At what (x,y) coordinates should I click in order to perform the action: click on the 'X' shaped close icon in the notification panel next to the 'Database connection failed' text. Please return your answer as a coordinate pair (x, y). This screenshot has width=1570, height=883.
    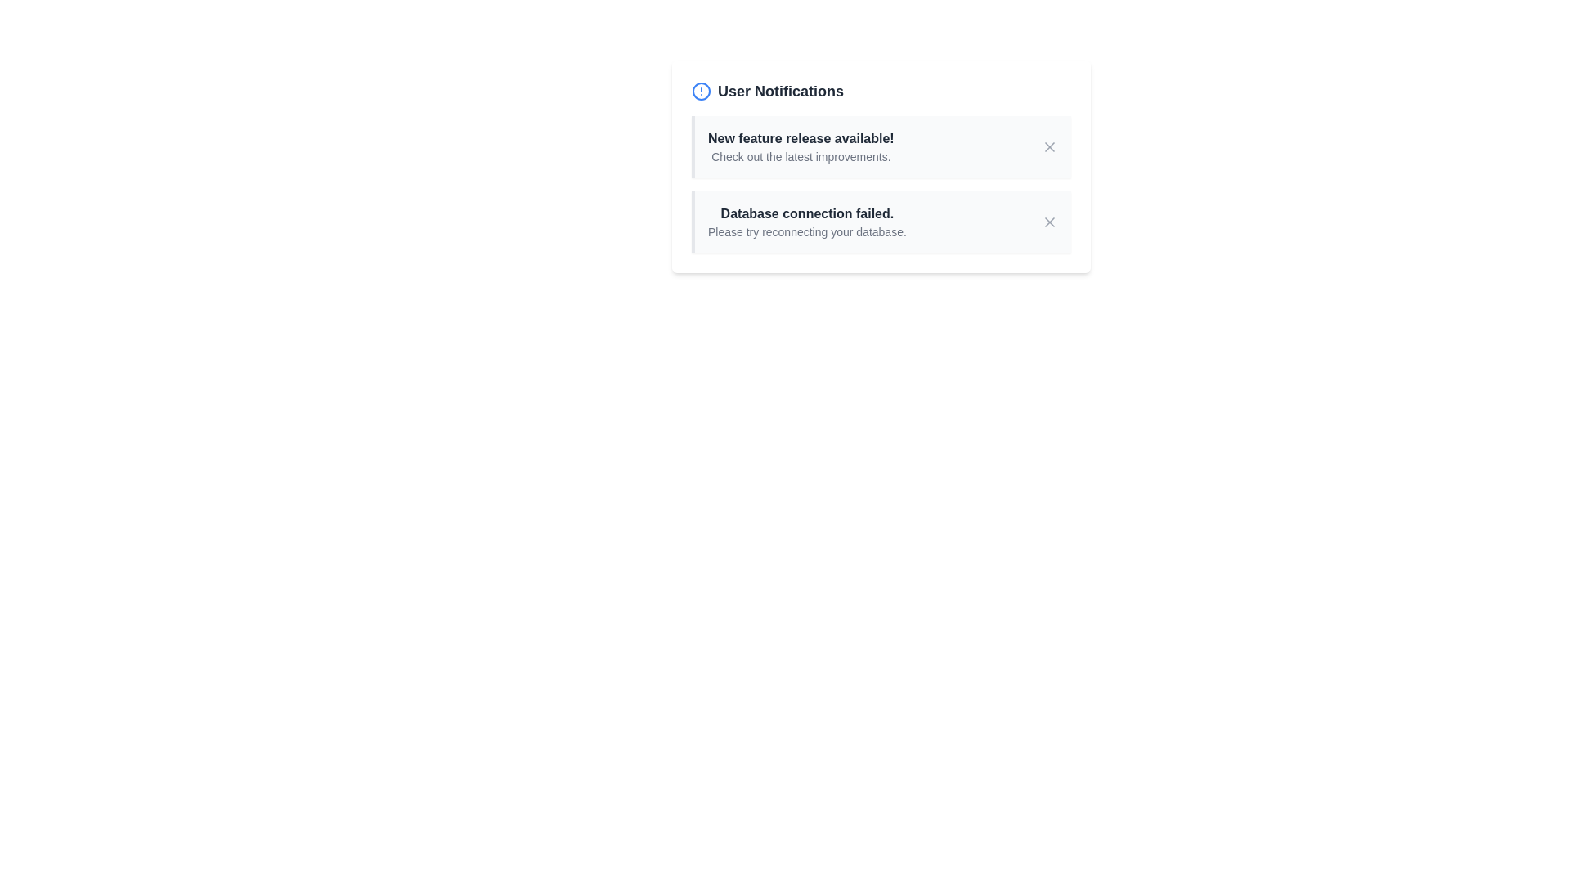
    Looking at the image, I should click on (1049, 222).